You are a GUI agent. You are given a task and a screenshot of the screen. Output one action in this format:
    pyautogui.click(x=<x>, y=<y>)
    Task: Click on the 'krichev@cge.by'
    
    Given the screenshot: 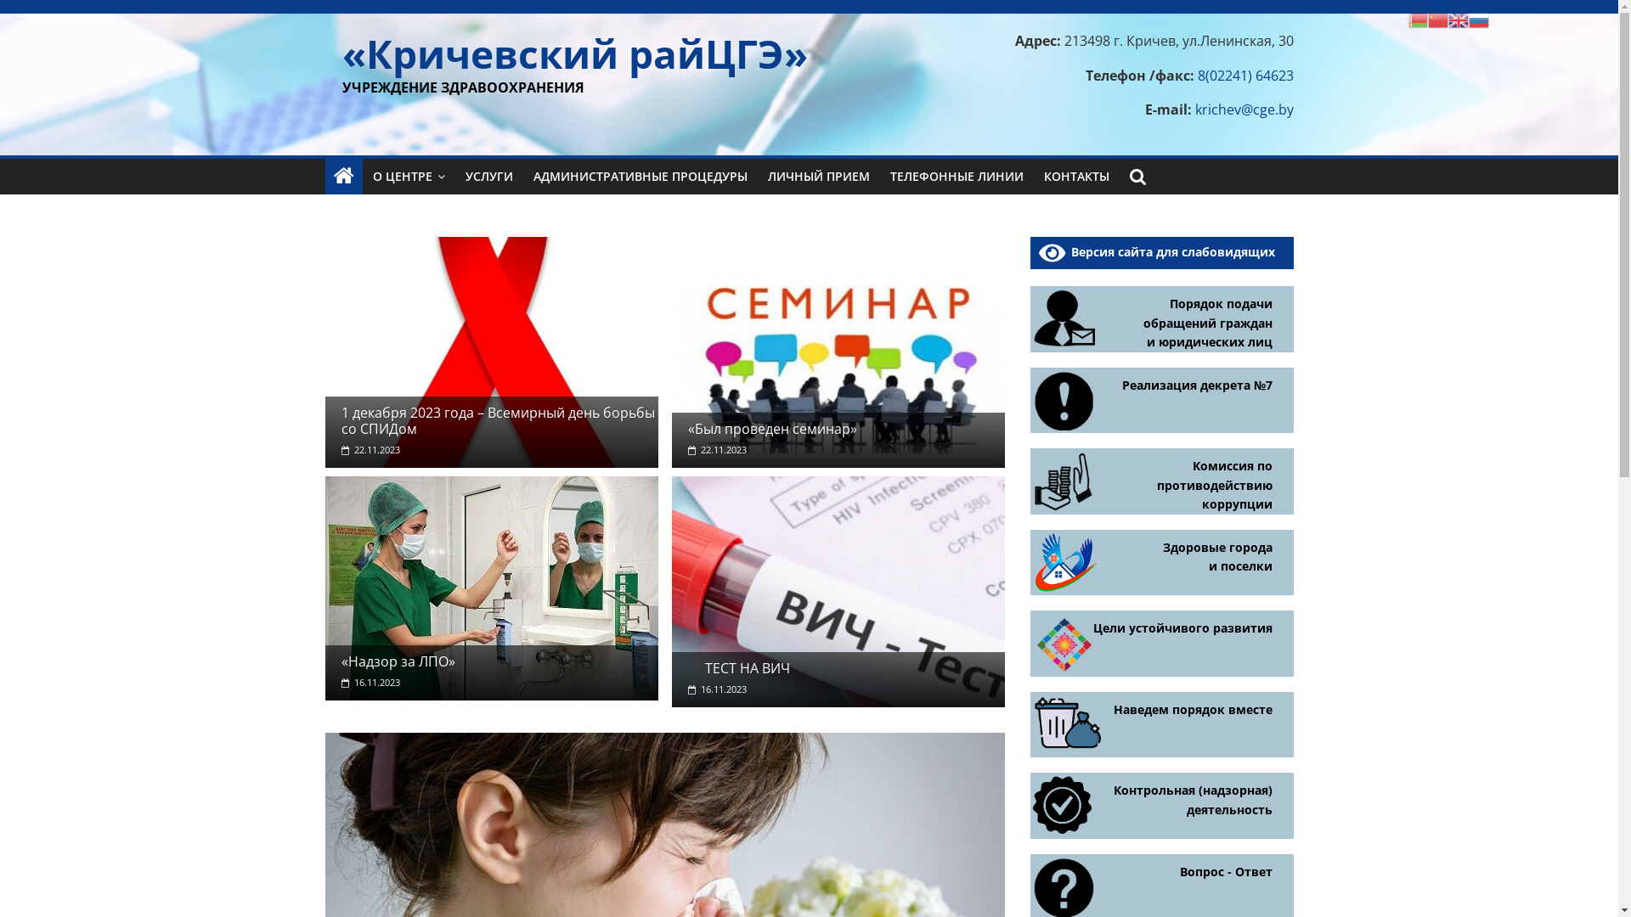 What is the action you would take?
    pyautogui.click(x=1244, y=109)
    